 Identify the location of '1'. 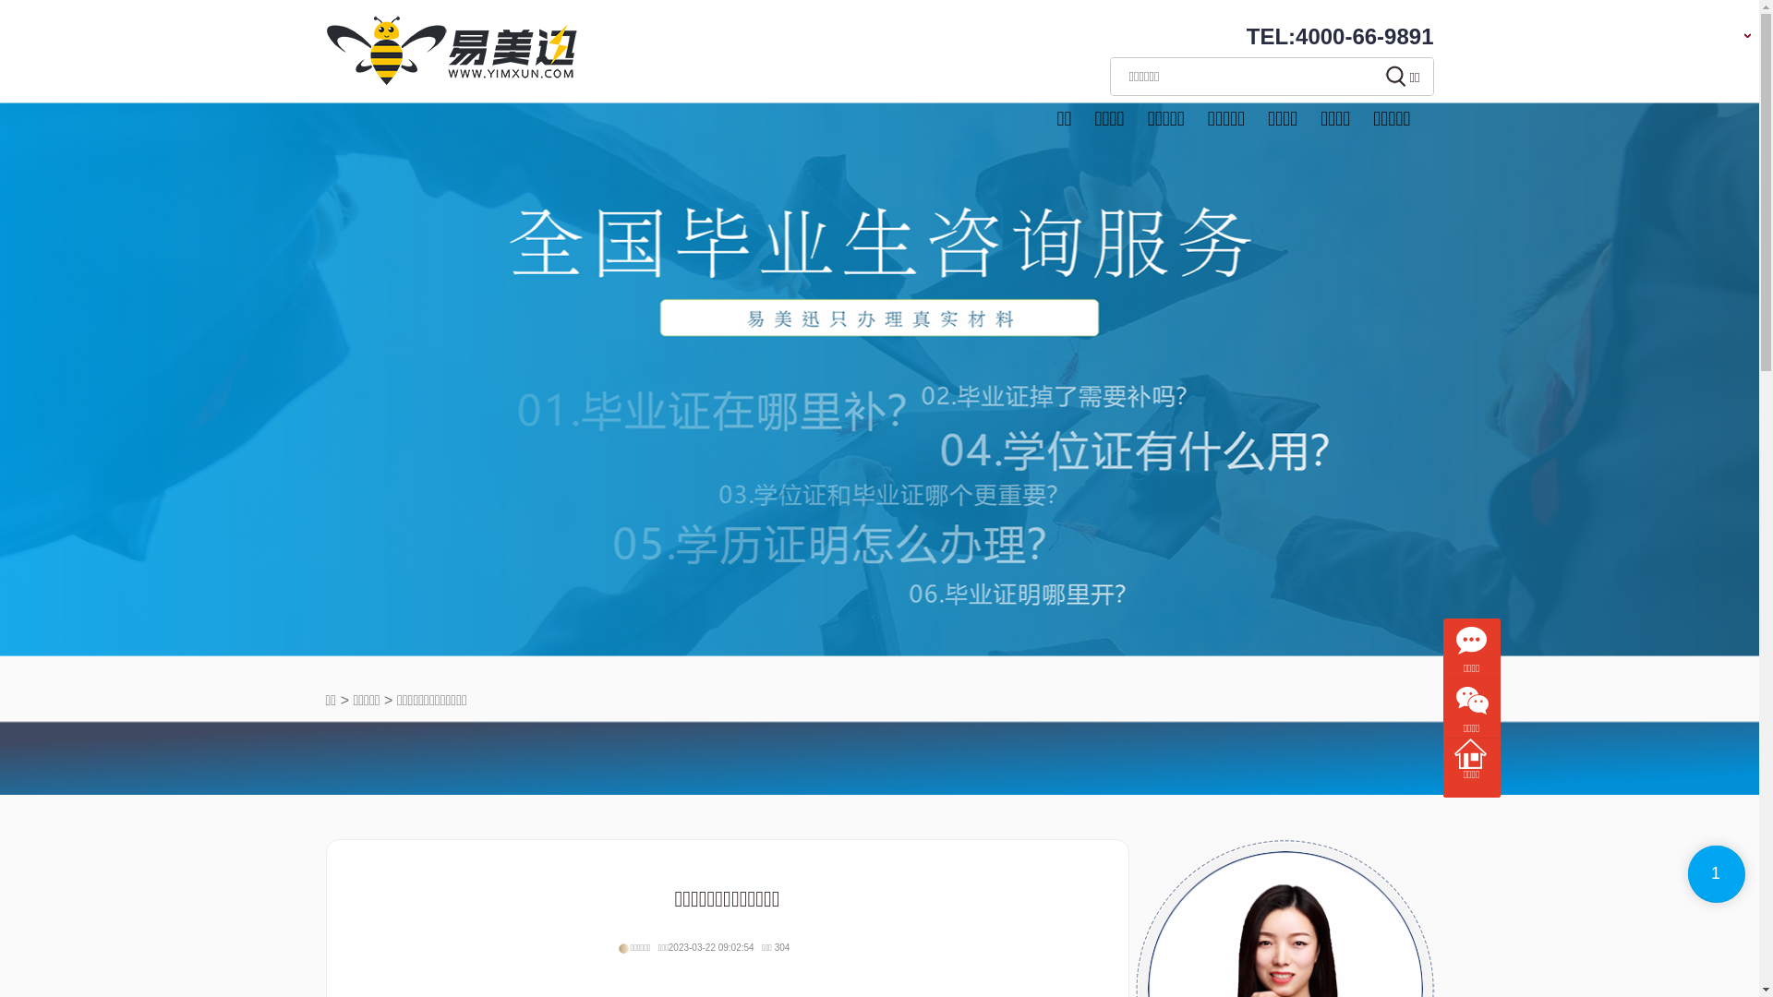
(1715, 873).